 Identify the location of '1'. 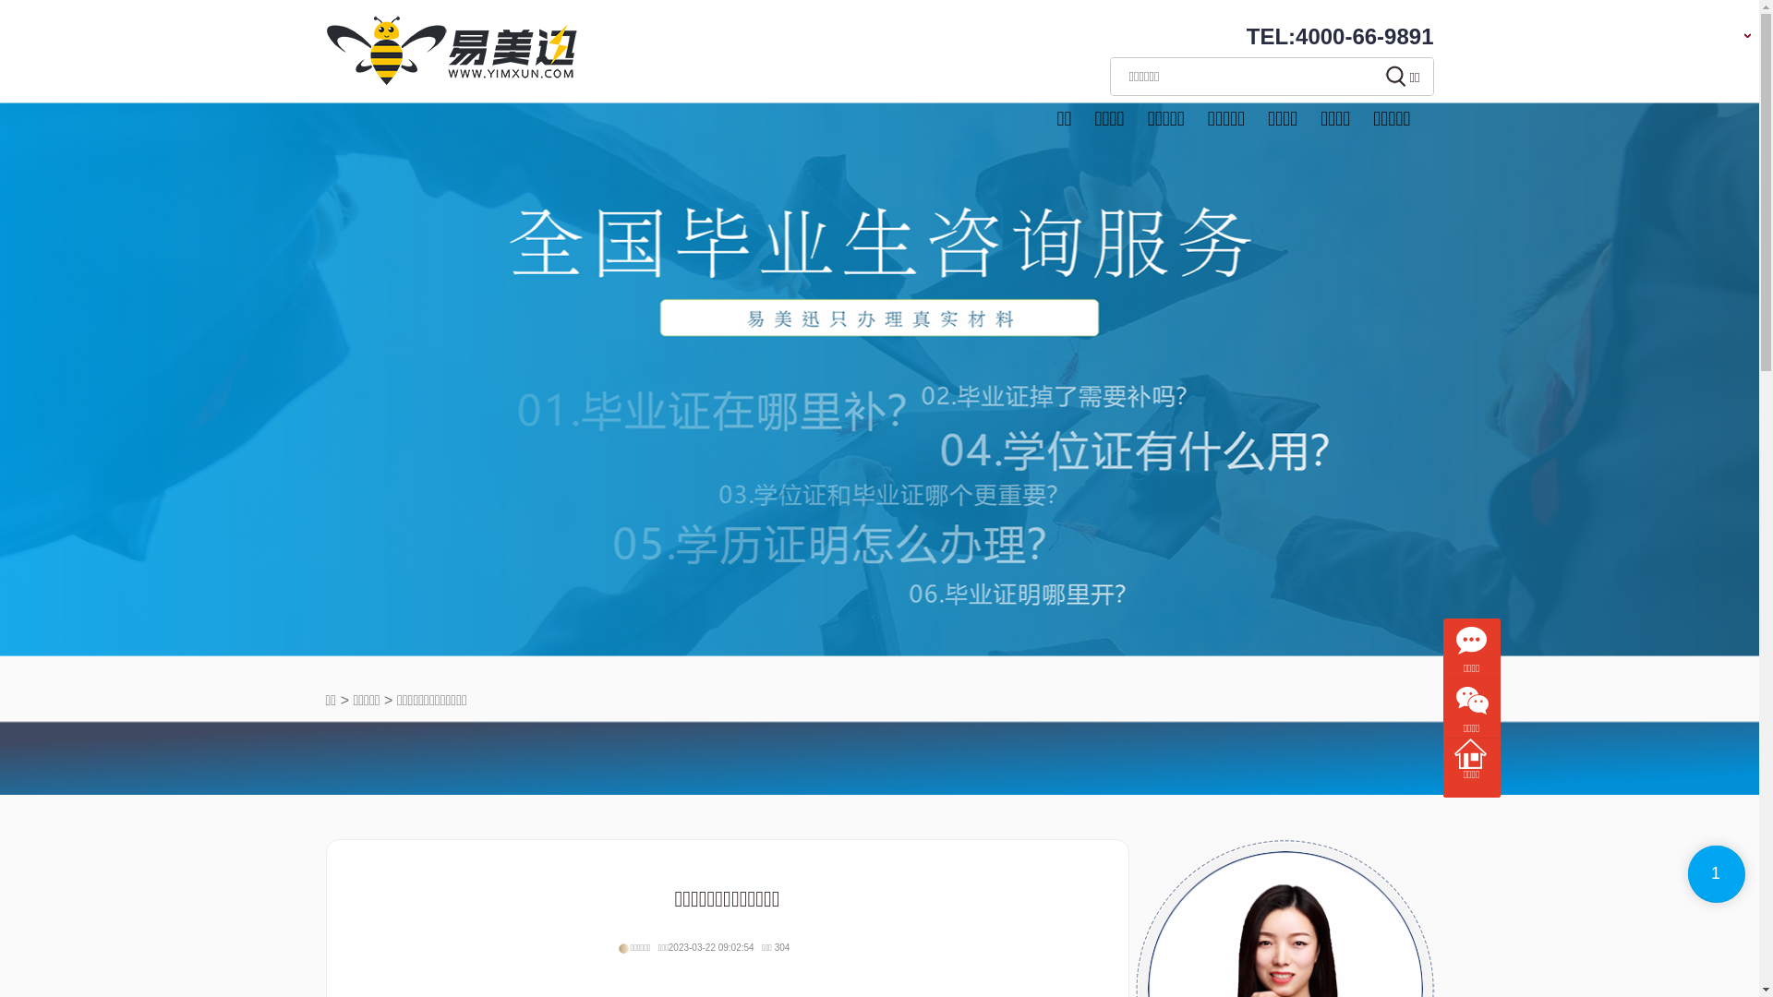
(1715, 873).